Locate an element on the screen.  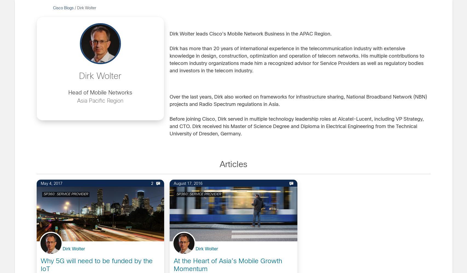
'Head of Mobile Networks' is located at coordinates (100, 93).